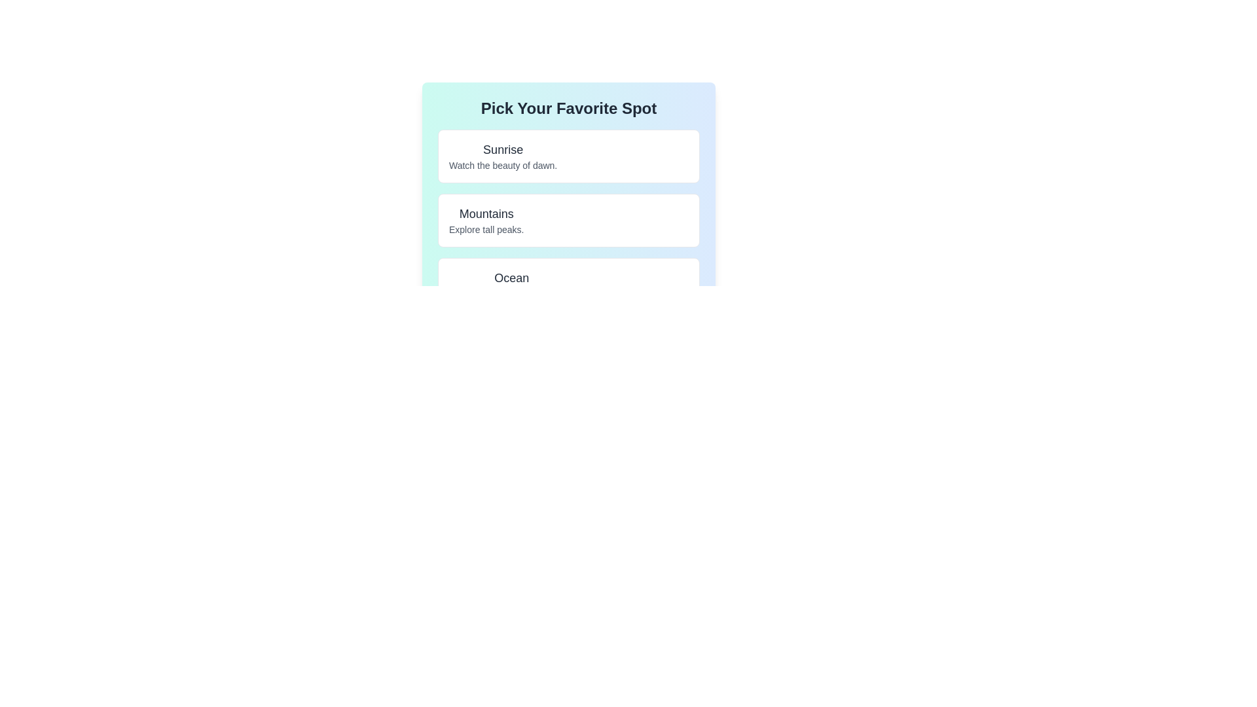  Describe the element at coordinates (486, 229) in the screenshot. I see `the static informational text that provides a description for the 'Mountains' option in the 'Pick Your Favorite Spot' section` at that location.